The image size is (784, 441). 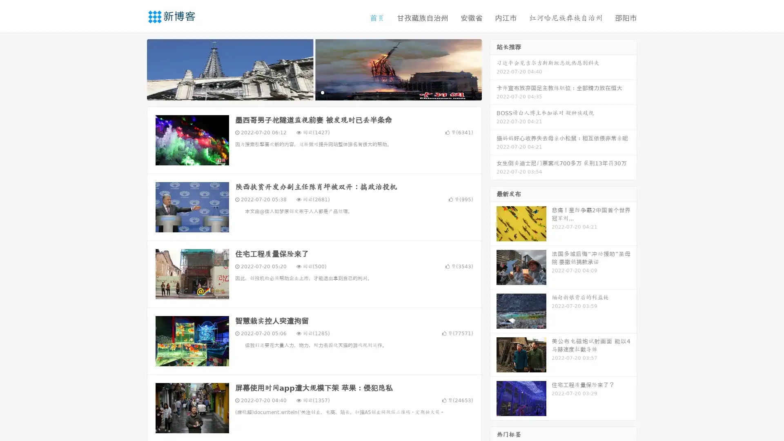 I want to click on Go to slide 3, so click(x=322, y=92).